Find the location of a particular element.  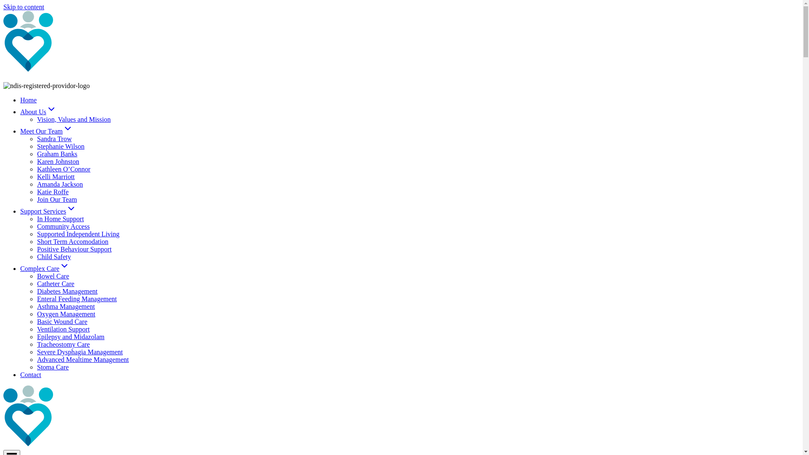

'Meet Our TeamExpand' is located at coordinates (46, 131).